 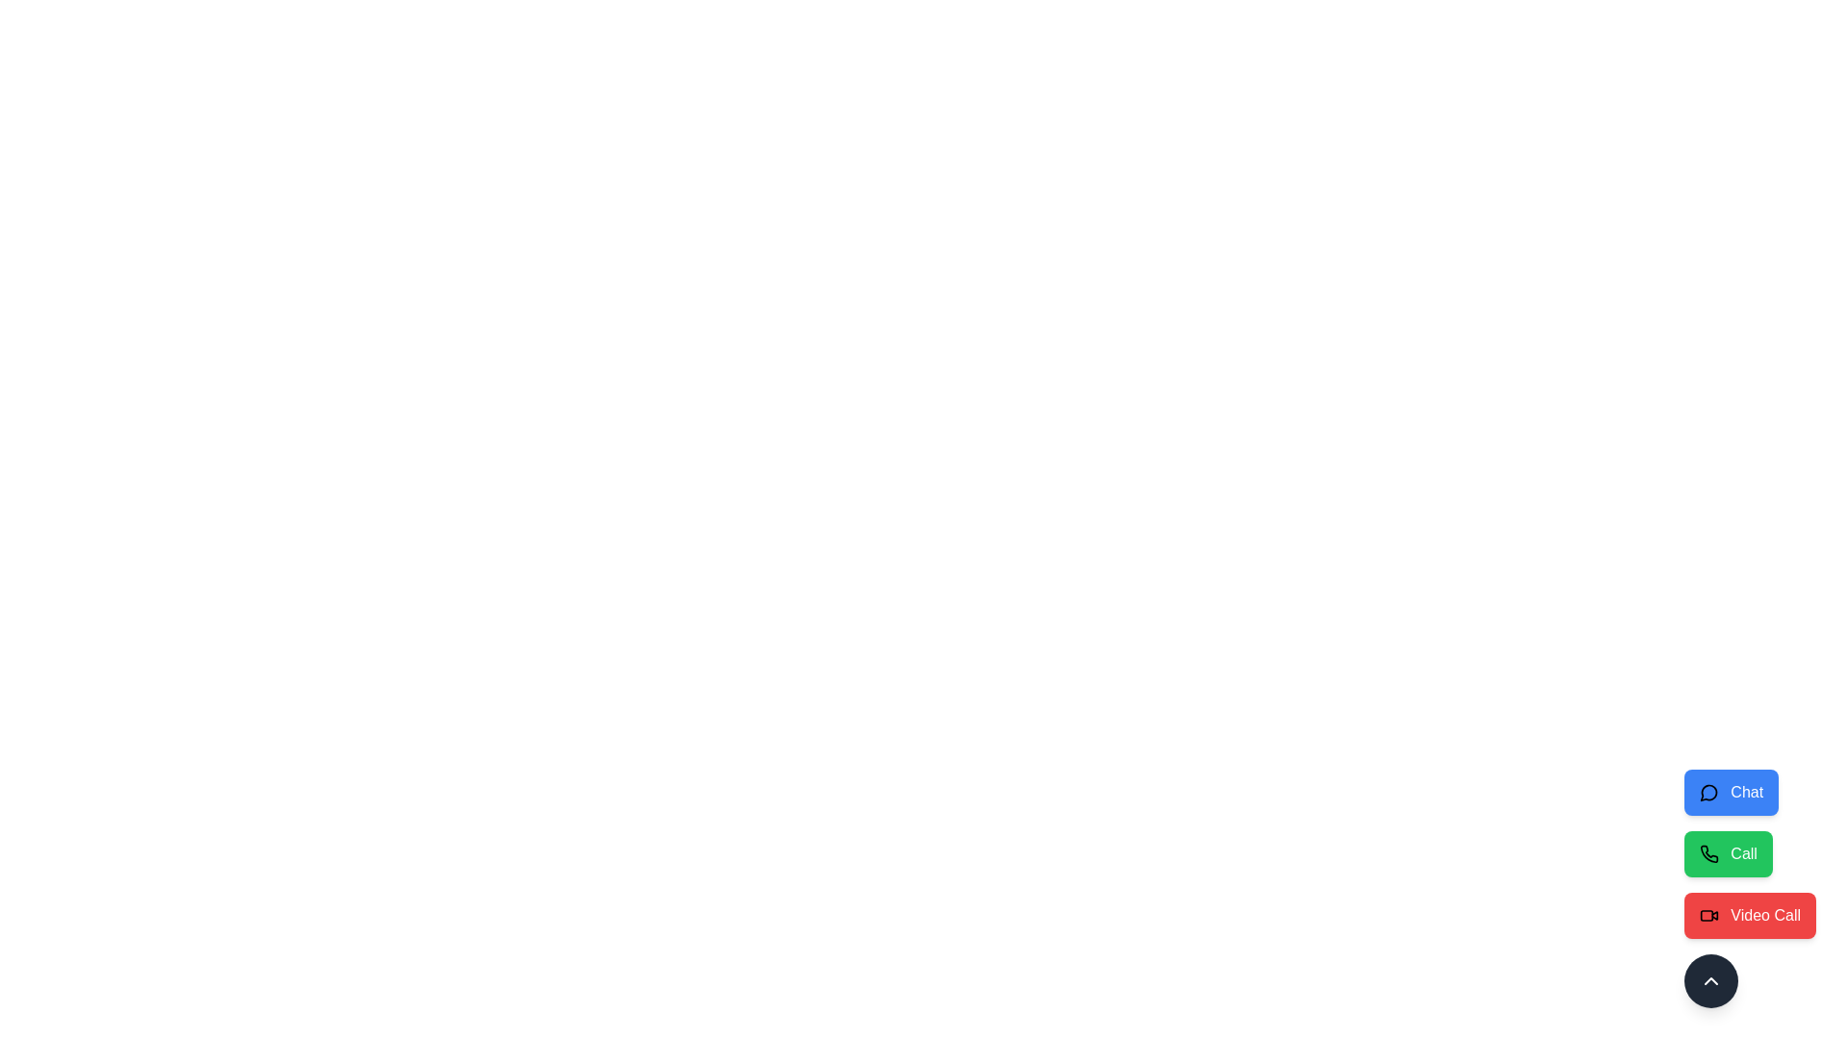 What do you see at coordinates (1750, 915) in the screenshot?
I see `'Video Call' button to initiate a video call` at bounding box center [1750, 915].